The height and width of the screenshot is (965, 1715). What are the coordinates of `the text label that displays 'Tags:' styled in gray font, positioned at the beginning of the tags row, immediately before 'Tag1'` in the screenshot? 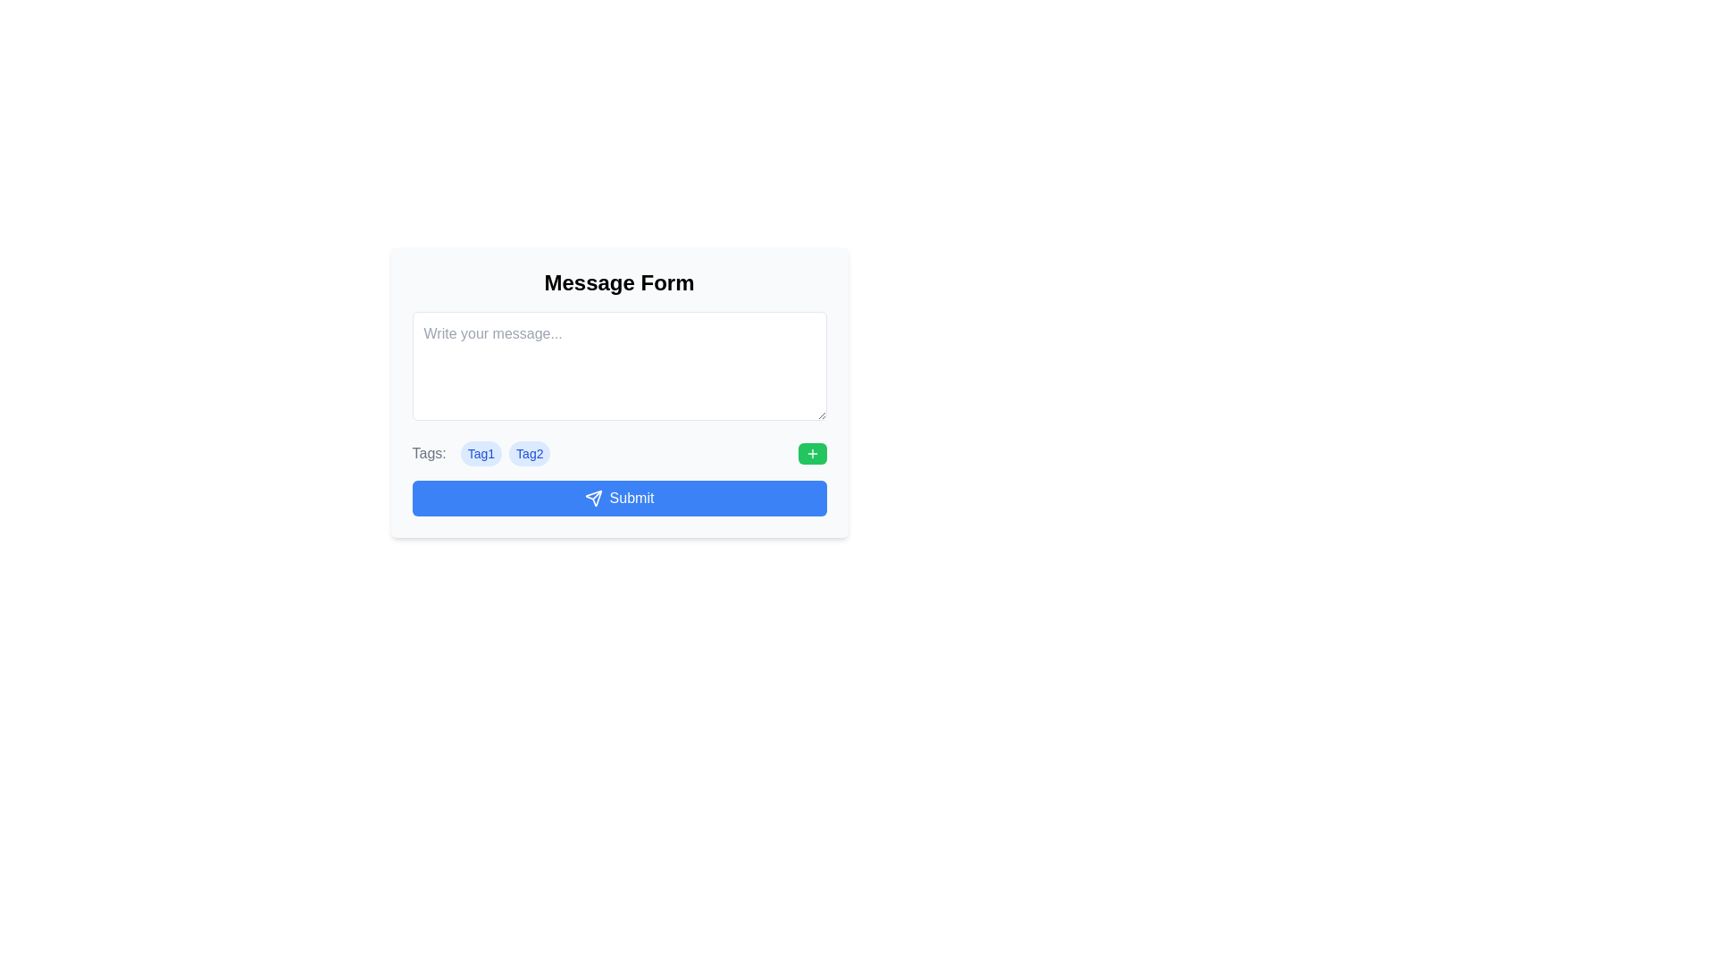 It's located at (429, 453).